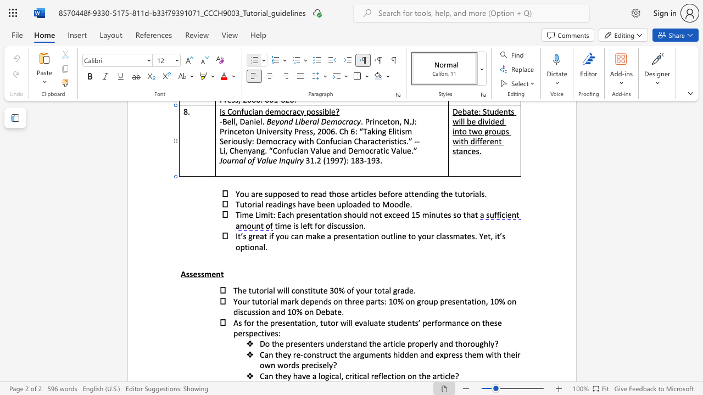 The width and height of the screenshot is (703, 395). Describe the element at coordinates (332, 375) in the screenshot. I see `the 1th character "c" in the text` at that location.